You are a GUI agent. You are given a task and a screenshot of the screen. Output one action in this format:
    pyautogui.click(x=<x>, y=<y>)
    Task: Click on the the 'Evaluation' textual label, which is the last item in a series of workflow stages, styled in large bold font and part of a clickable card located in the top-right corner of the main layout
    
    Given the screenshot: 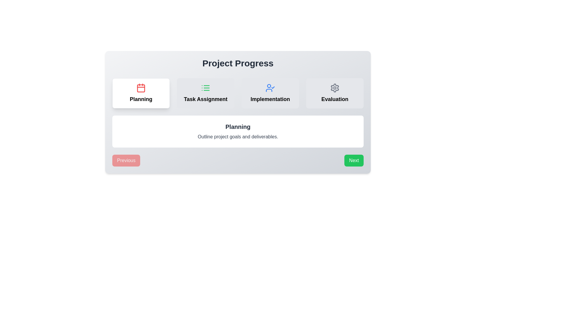 What is the action you would take?
    pyautogui.click(x=335, y=99)
    